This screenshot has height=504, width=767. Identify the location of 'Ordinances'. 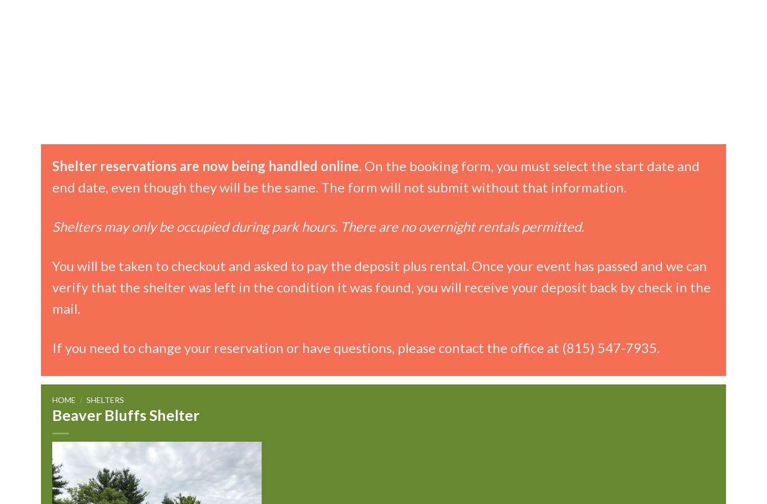
(298, 144).